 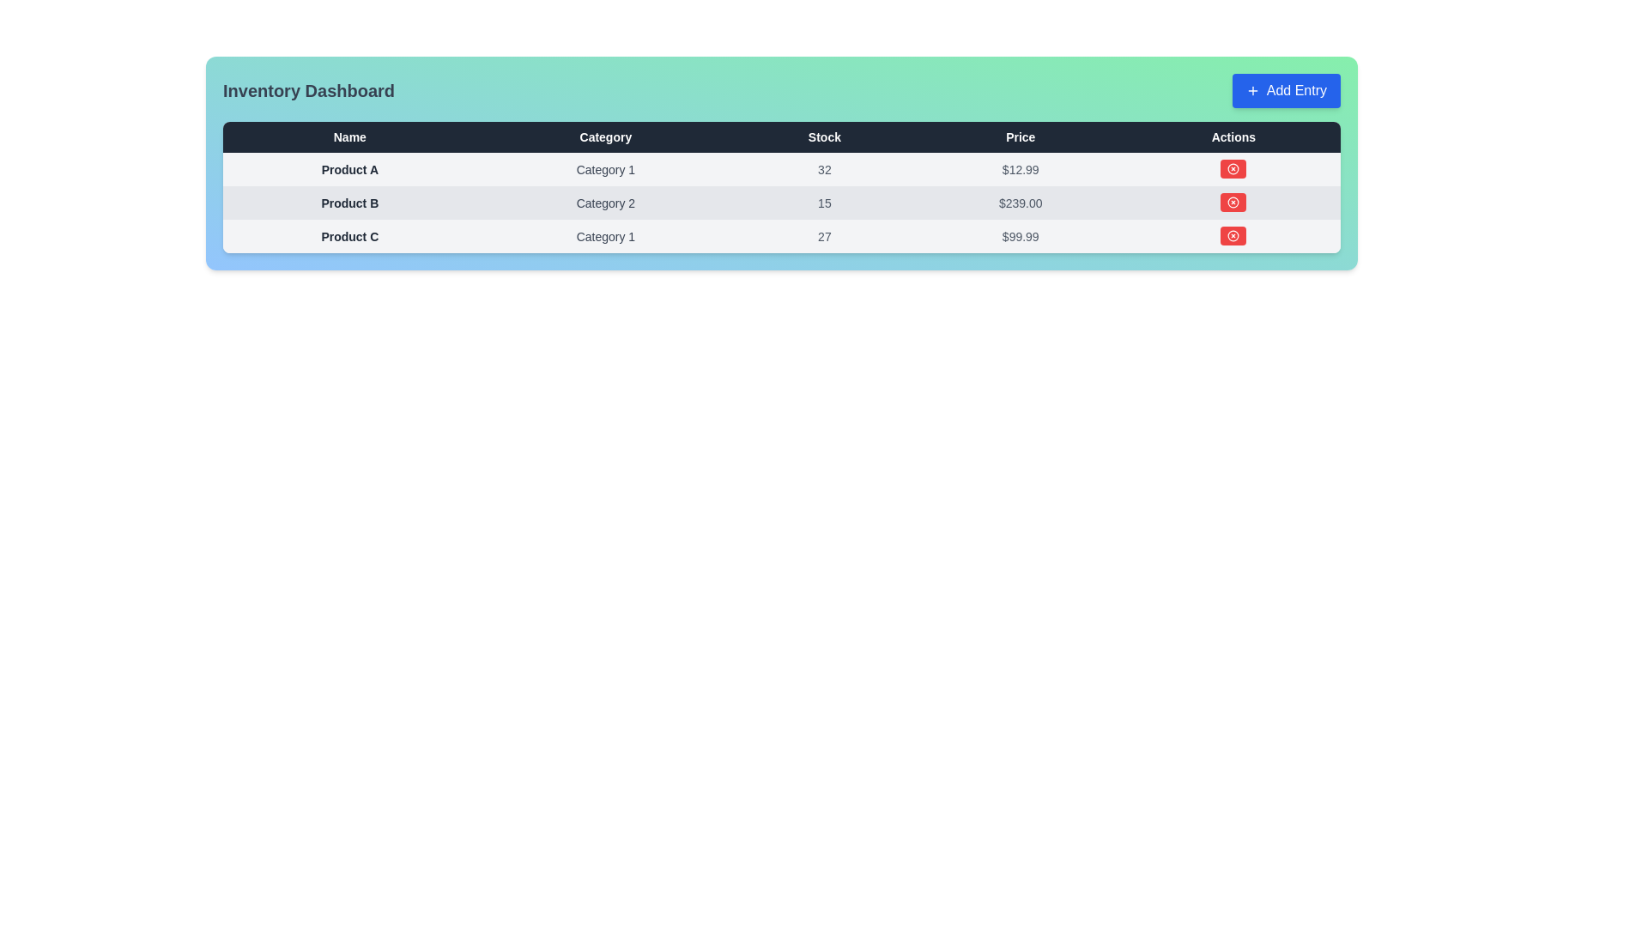 I want to click on the red button with rounded corners and a close icon located in the 'Actions' column of the third row in the table, so click(x=1233, y=168).